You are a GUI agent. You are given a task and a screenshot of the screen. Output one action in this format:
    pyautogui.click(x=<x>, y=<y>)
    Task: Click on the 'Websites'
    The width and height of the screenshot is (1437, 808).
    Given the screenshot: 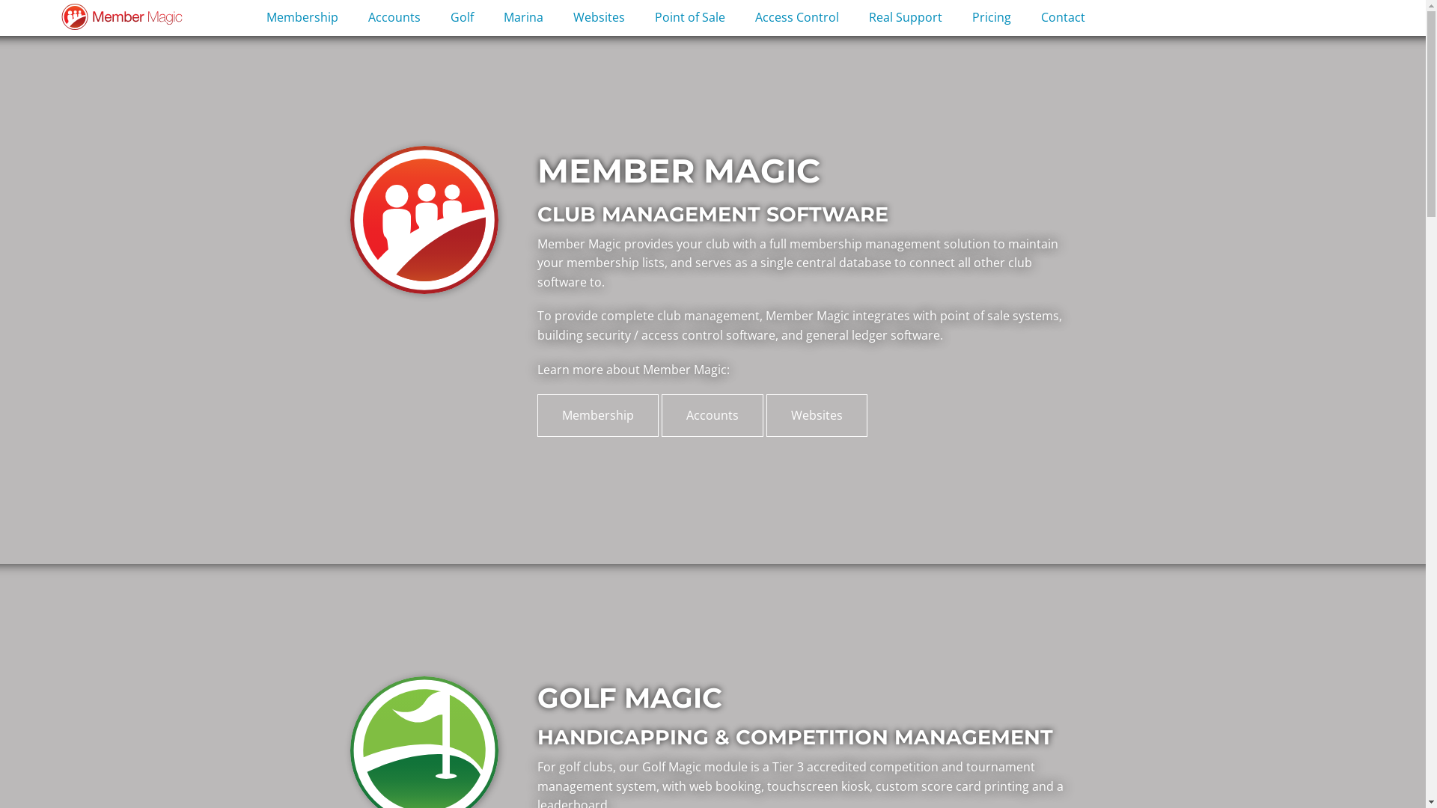 What is the action you would take?
    pyautogui.click(x=599, y=18)
    